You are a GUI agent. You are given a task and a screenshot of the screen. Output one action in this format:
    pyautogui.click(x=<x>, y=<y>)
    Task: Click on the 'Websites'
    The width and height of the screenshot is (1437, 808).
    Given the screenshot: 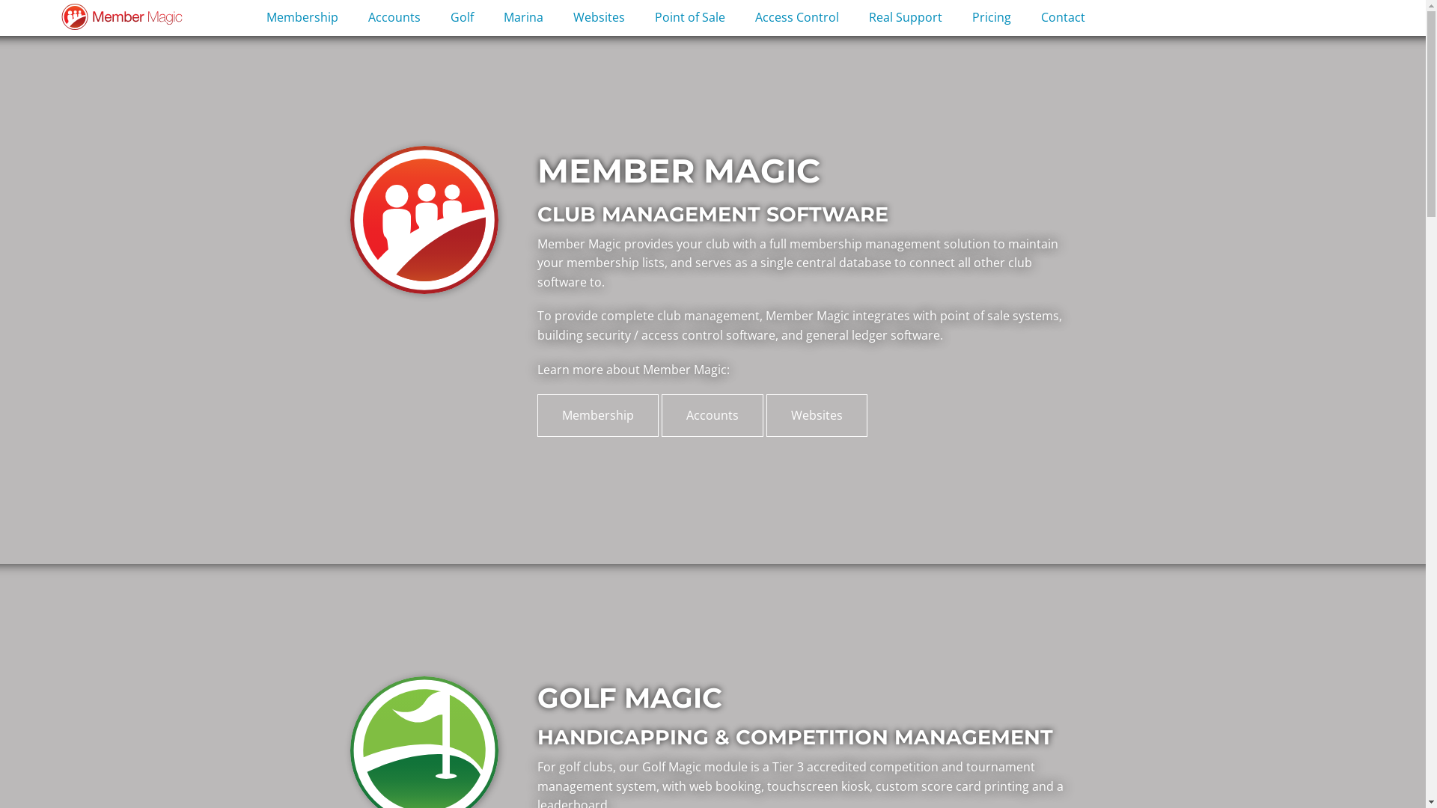 What is the action you would take?
    pyautogui.click(x=599, y=18)
    